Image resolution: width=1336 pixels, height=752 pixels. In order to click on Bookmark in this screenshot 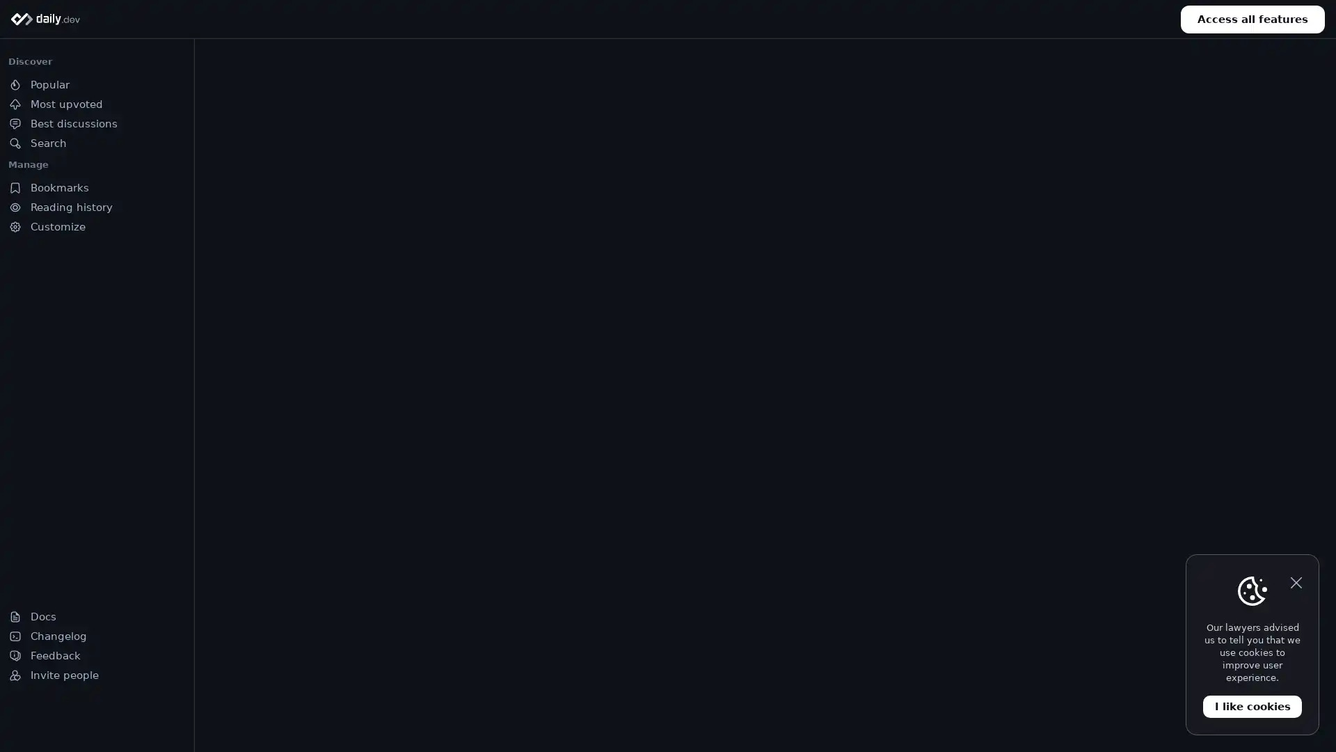, I will do `click(967, 389)`.